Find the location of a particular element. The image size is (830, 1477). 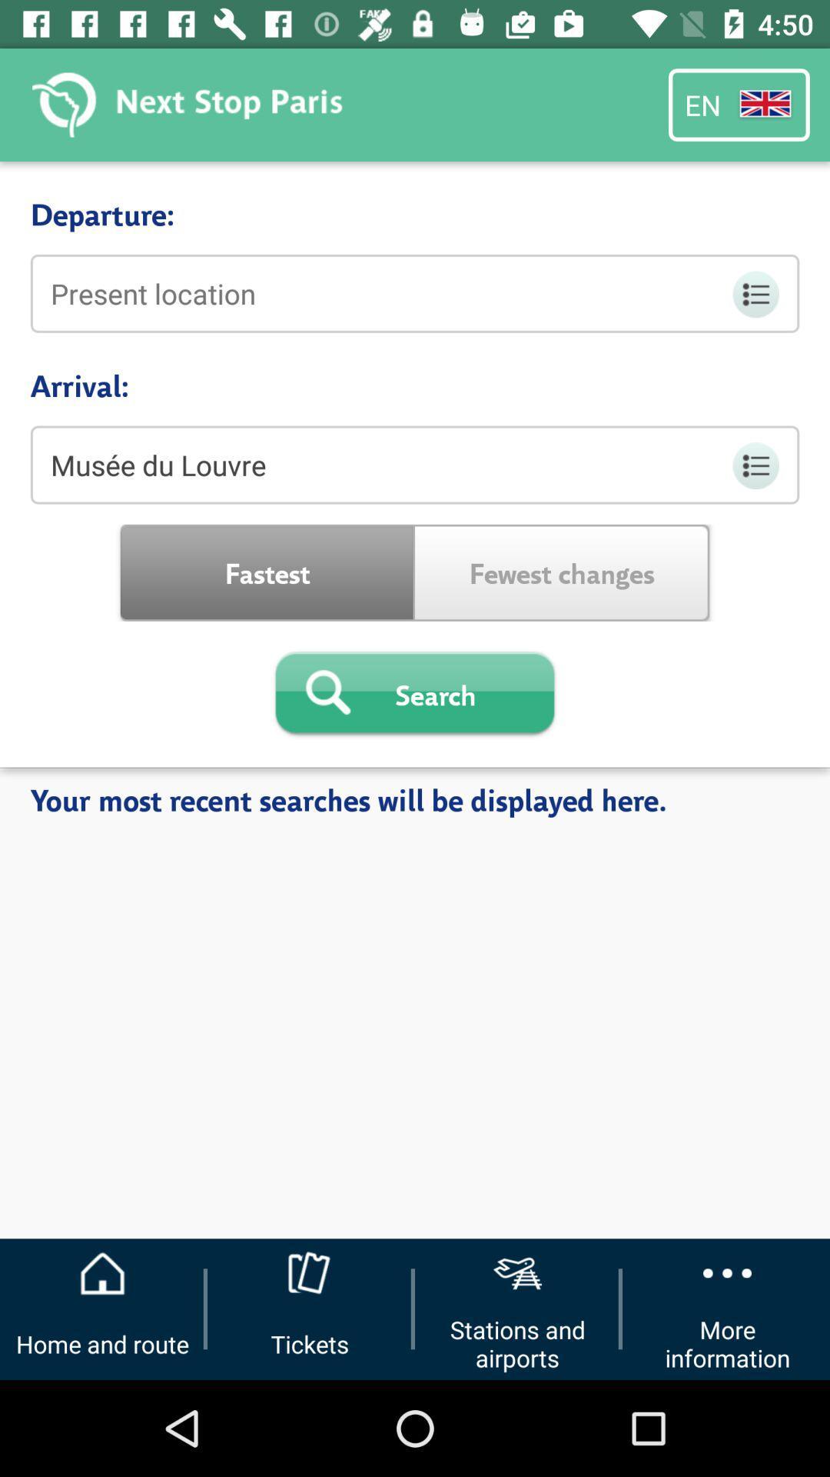

the search button on the web page is located at coordinates (415, 693).